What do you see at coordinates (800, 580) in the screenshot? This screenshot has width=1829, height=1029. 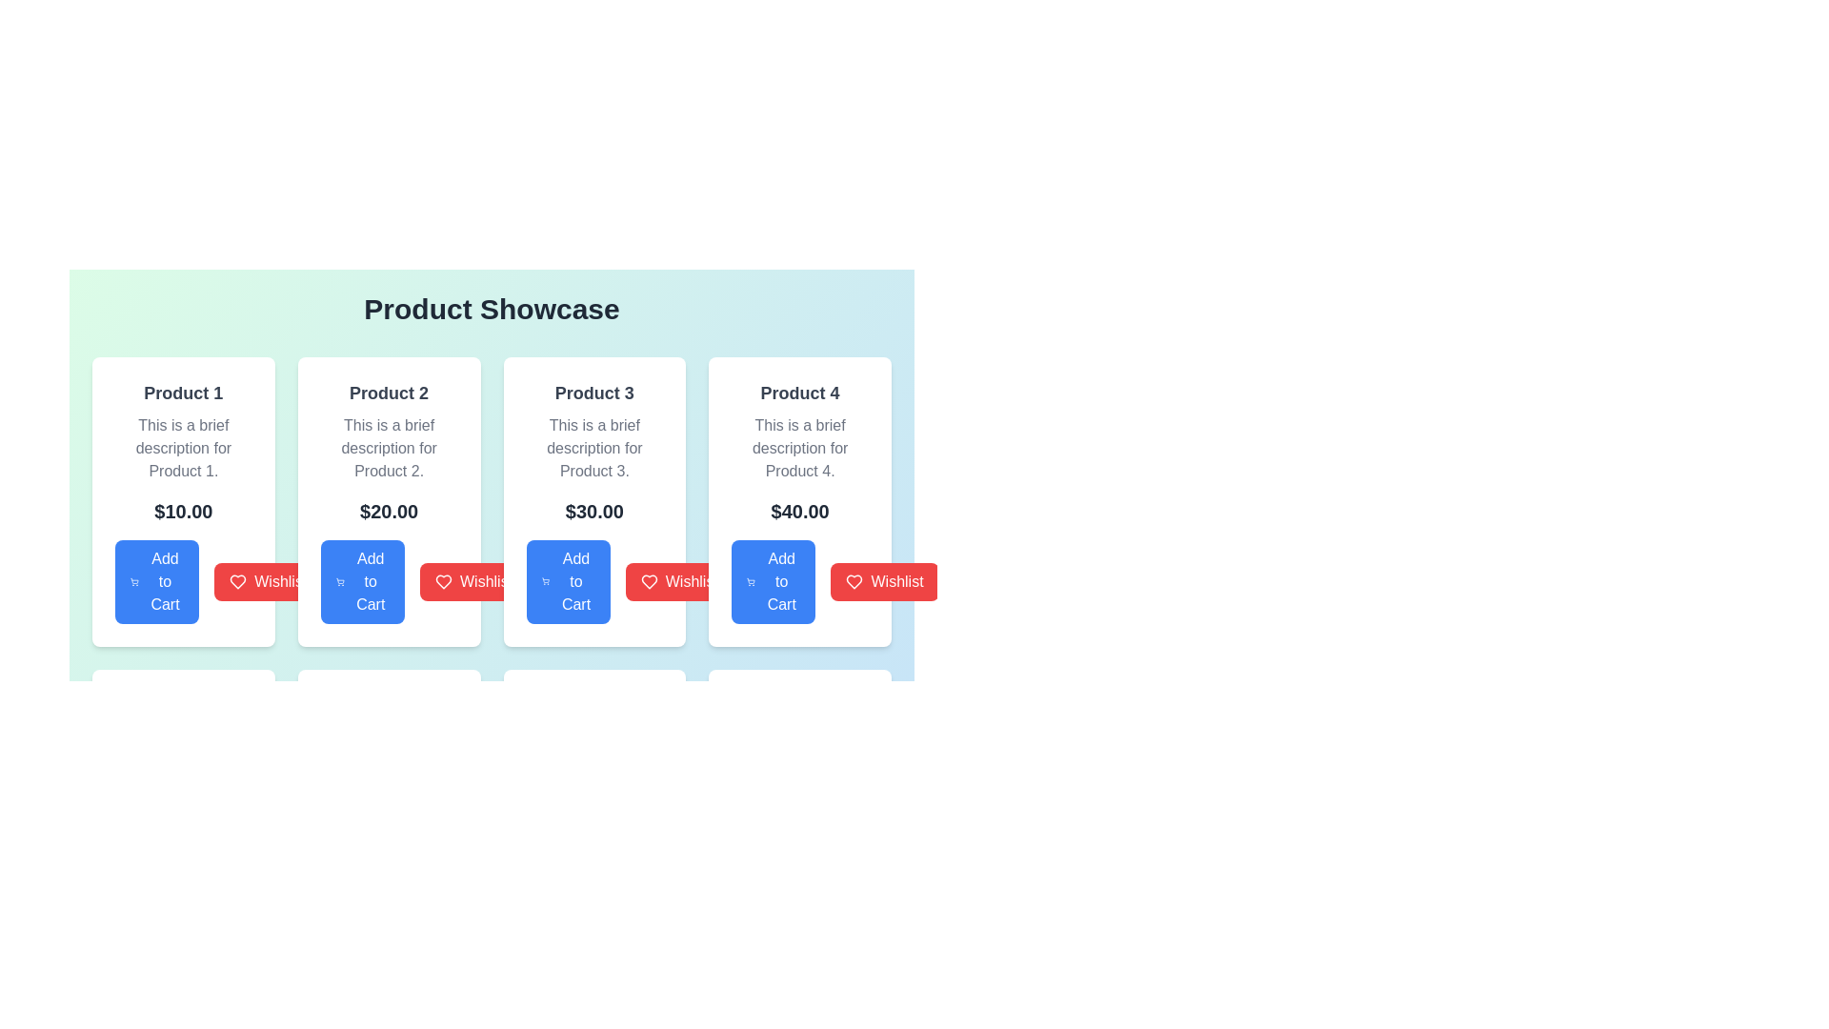 I see `the 'Add to Cart' button, which is a blue rectangular button with rounded corners located in the 'Product 4' card` at bounding box center [800, 580].